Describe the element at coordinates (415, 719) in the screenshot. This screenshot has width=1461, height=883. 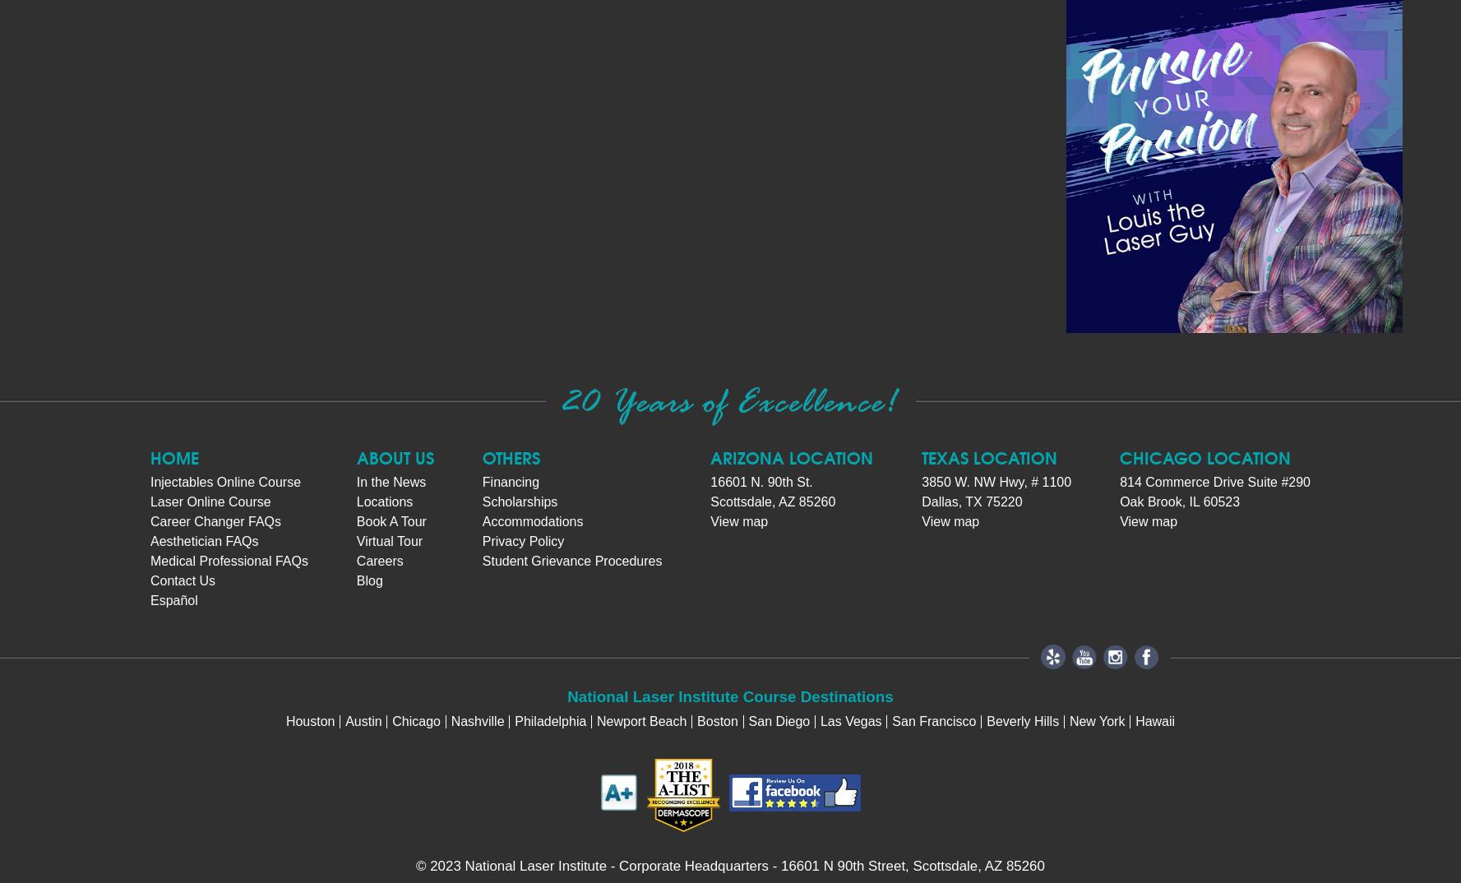
I see `'Chicago'` at that location.